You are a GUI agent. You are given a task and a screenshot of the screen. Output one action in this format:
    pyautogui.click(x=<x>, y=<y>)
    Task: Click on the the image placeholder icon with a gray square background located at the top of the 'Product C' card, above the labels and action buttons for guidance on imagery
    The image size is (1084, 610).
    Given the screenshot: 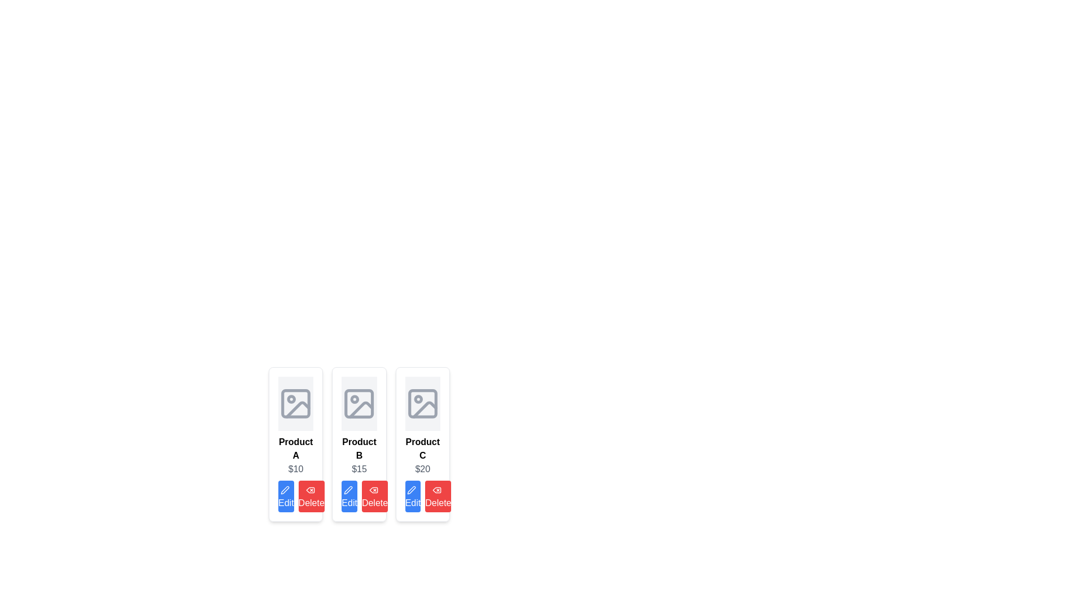 What is the action you would take?
    pyautogui.click(x=422, y=403)
    